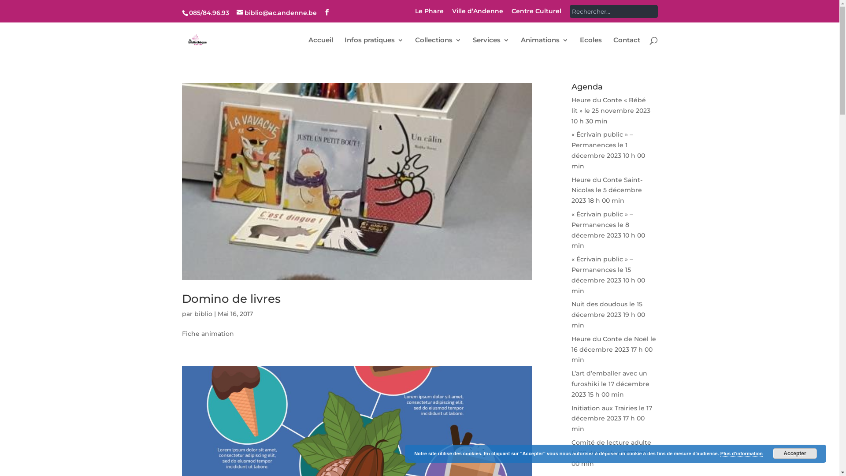  What do you see at coordinates (604, 408) in the screenshot?
I see `'Initiation aux Trairies'` at bounding box center [604, 408].